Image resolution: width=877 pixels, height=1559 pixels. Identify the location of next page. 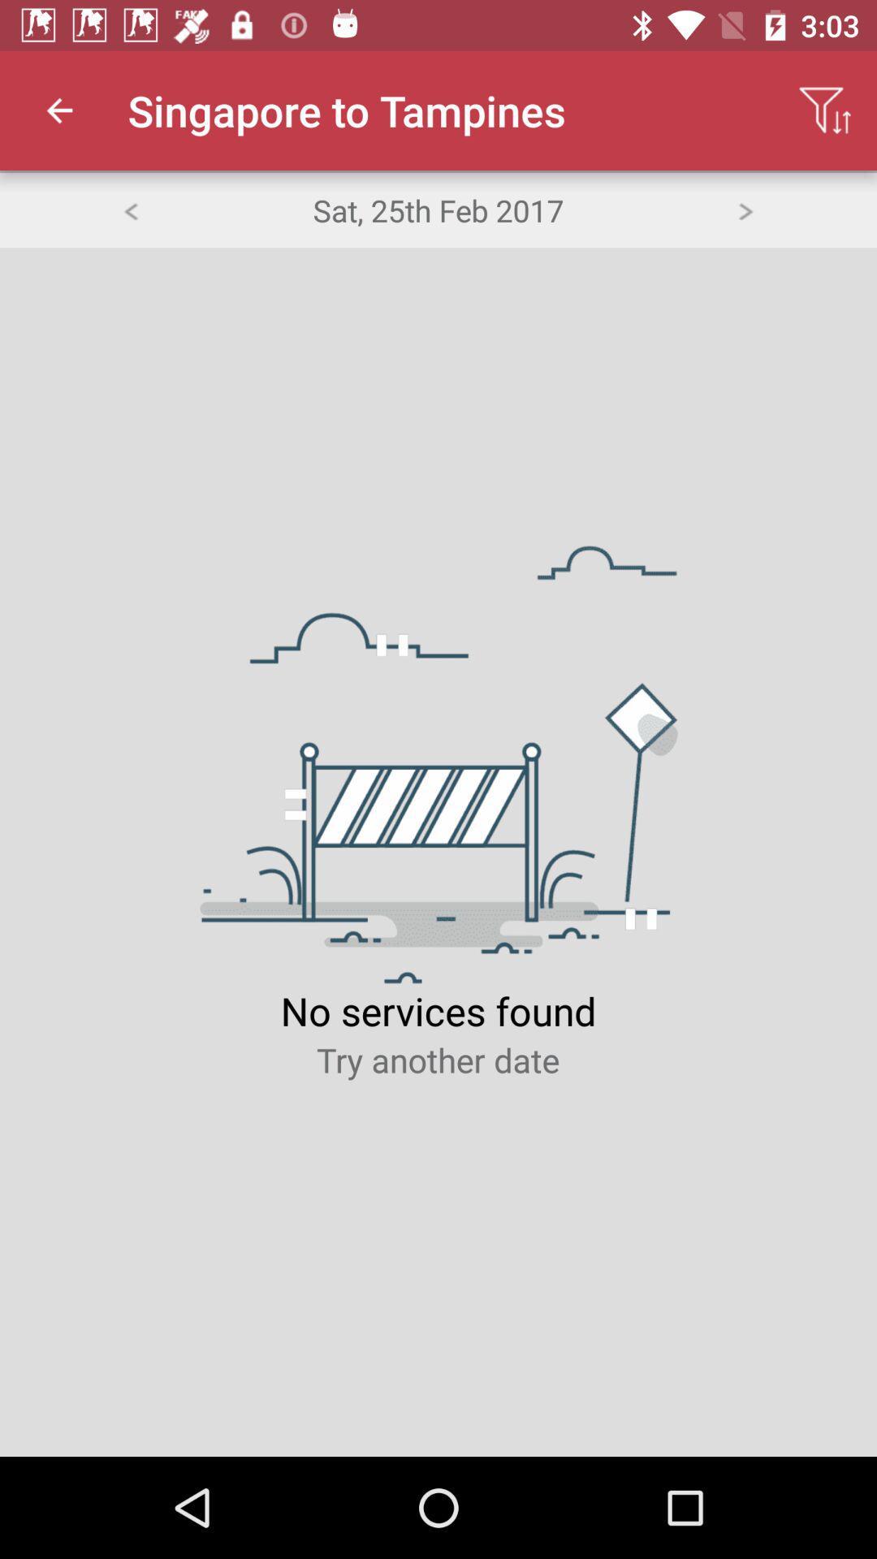
(745, 209).